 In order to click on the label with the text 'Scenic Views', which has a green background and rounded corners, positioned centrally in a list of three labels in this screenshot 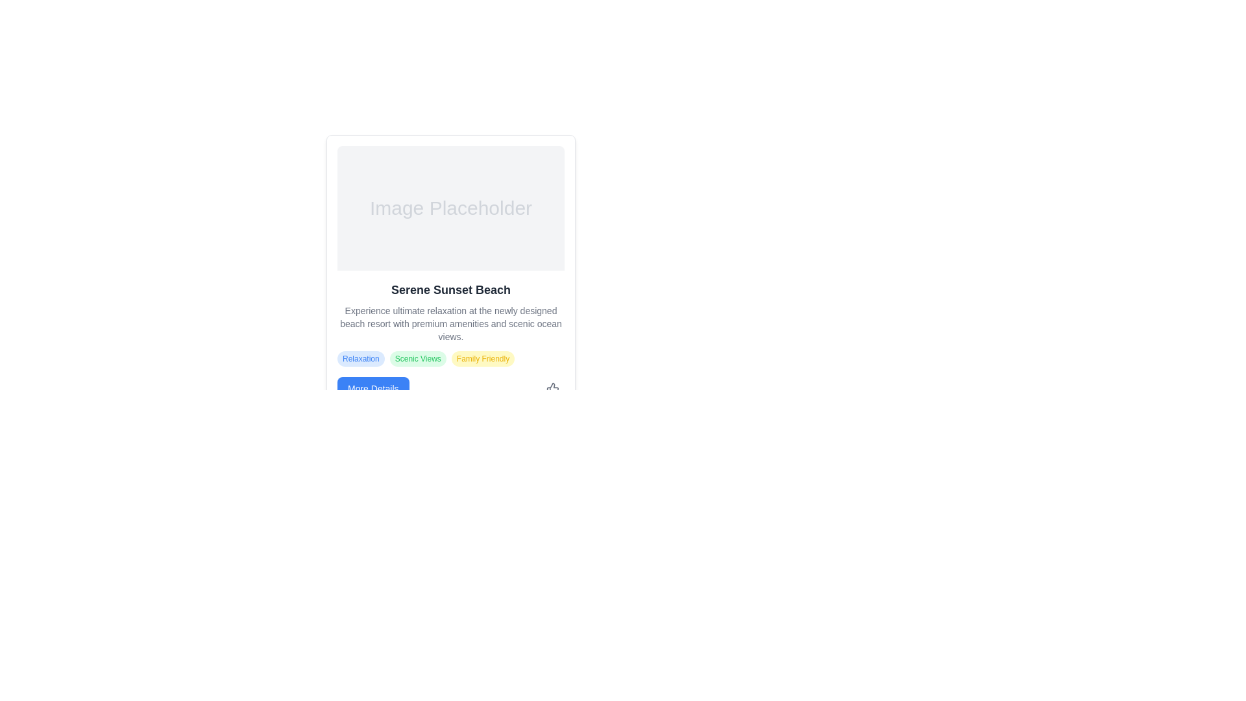, I will do `click(418, 358)`.